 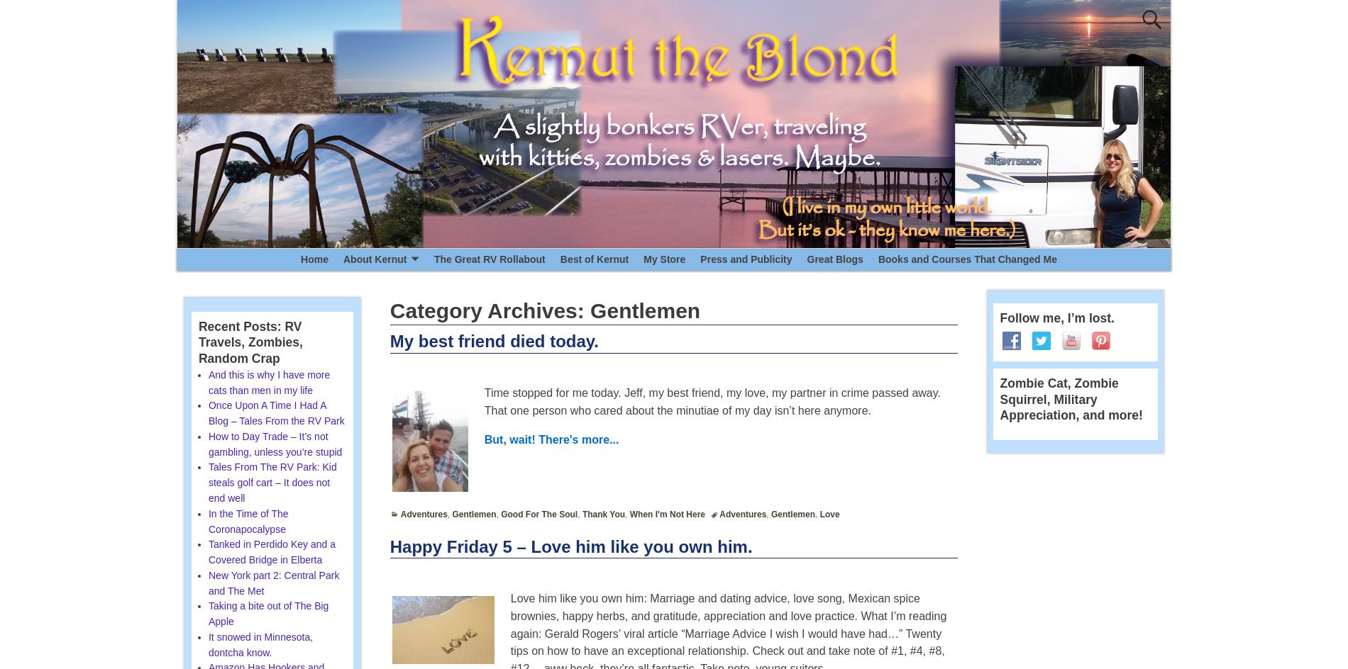 What do you see at coordinates (275, 412) in the screenshot?
I see `'Once Upon A Time I Had A Blog – Tales From the RV Park'` at bounding box center [275, 412].